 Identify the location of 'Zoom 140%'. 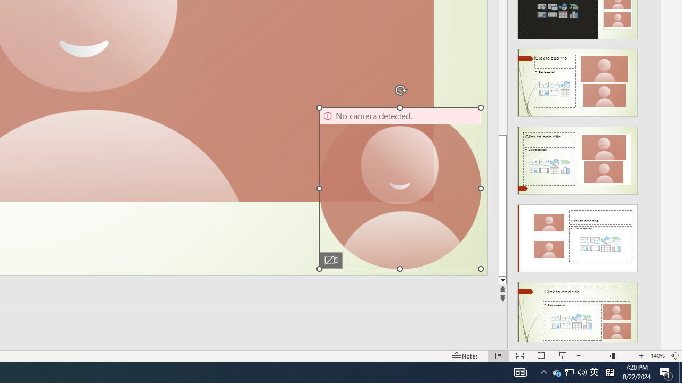
(657, 356).